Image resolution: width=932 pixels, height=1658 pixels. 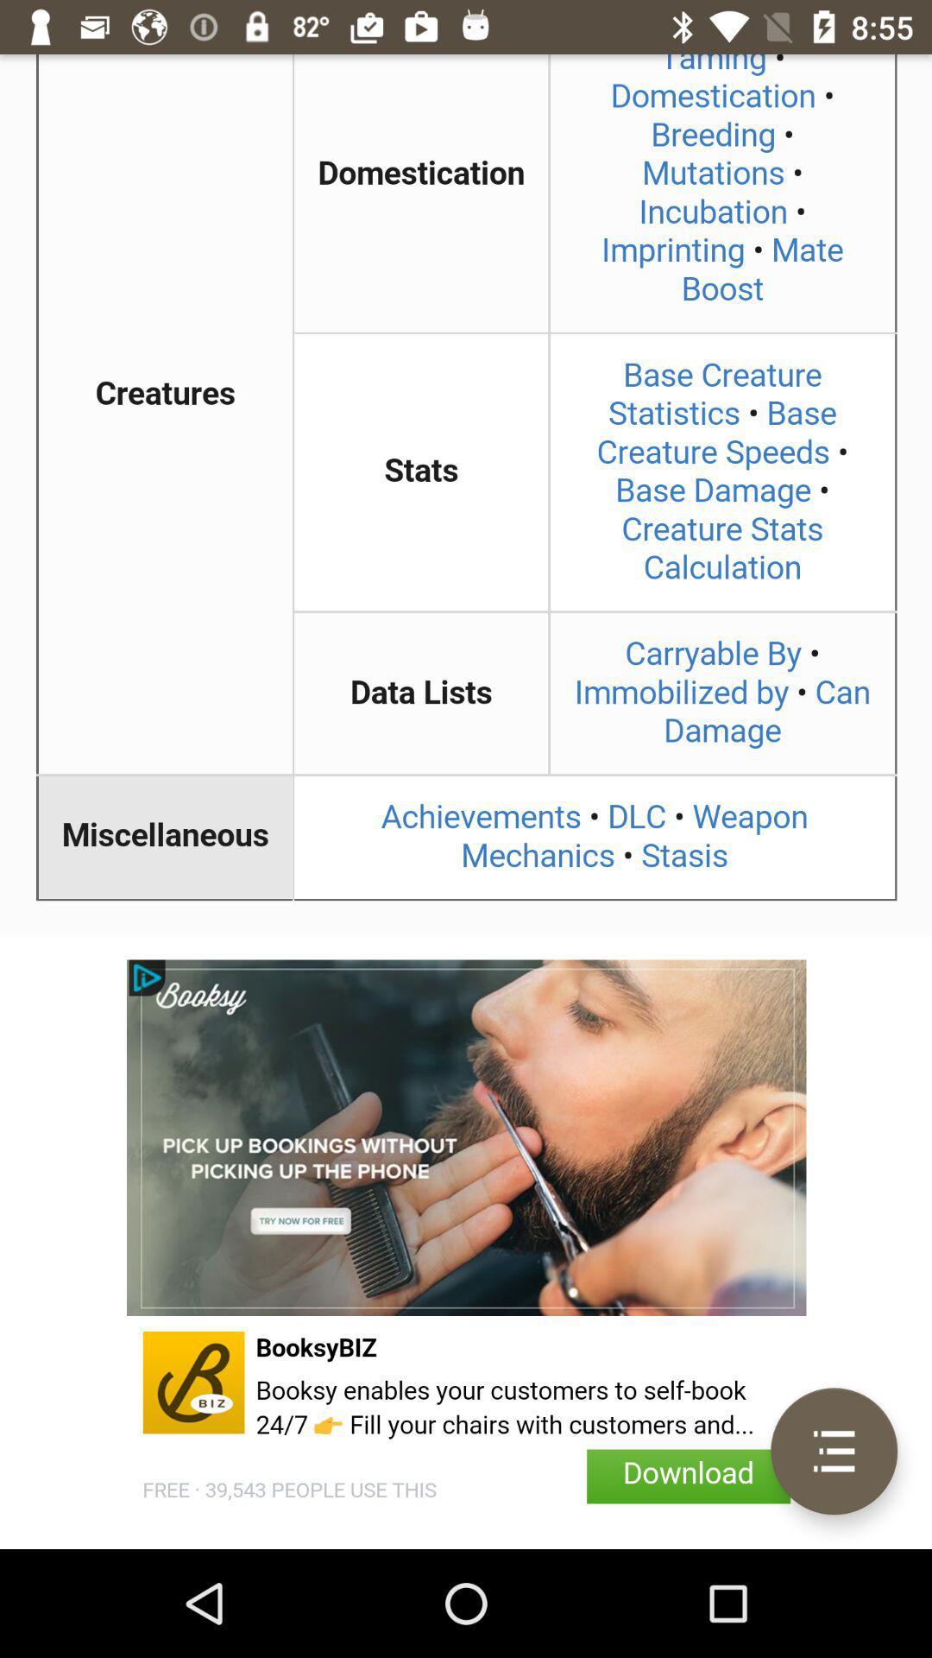 What do you see at coordinates (466, 495) in the screenshot?
I see `share the article` at bounding box center [466, 495].